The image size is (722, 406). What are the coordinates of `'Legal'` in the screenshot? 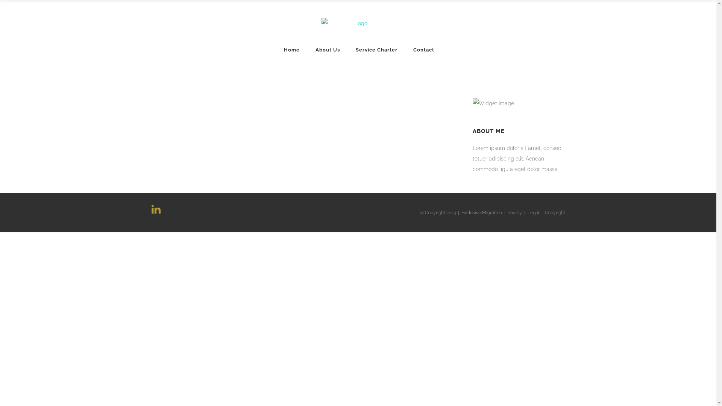 It's located at (526, 213).